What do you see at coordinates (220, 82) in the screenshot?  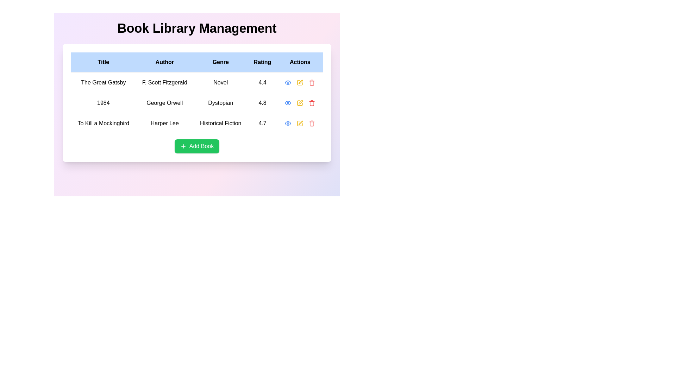 I see `the text element representing the genre of the item in the first row of the table, located under the 'Genre' header, between 'F. Scott Fitzgerald' and the rating '4.4'` at bounding box center [220, 82].